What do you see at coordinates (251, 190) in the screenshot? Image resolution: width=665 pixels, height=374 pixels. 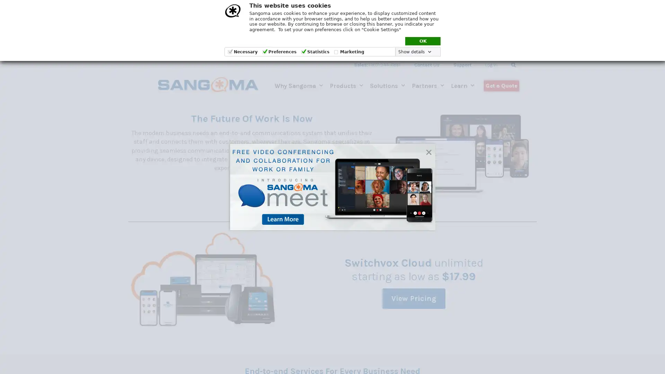 I see `Learn More` at bounding box center [251, 190].